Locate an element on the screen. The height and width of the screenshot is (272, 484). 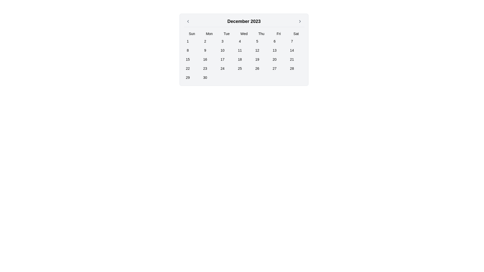
the circular button displaying the number '7' in the calendar grid under the column labeled 'Sat' is located at coordinates (292, 41).